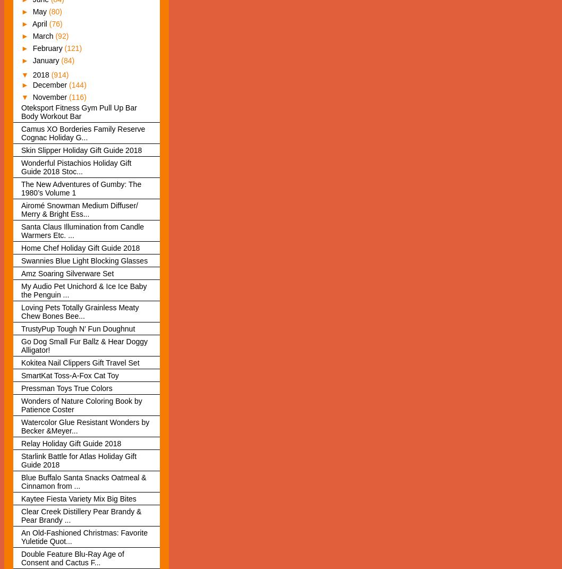 The image size is (562, 569). Describe the element at coordinates (78, 111) in the screenshot. I see `'Oteksport Fitness Gym Pull Up Bar Body Workout Bar'` at that location.